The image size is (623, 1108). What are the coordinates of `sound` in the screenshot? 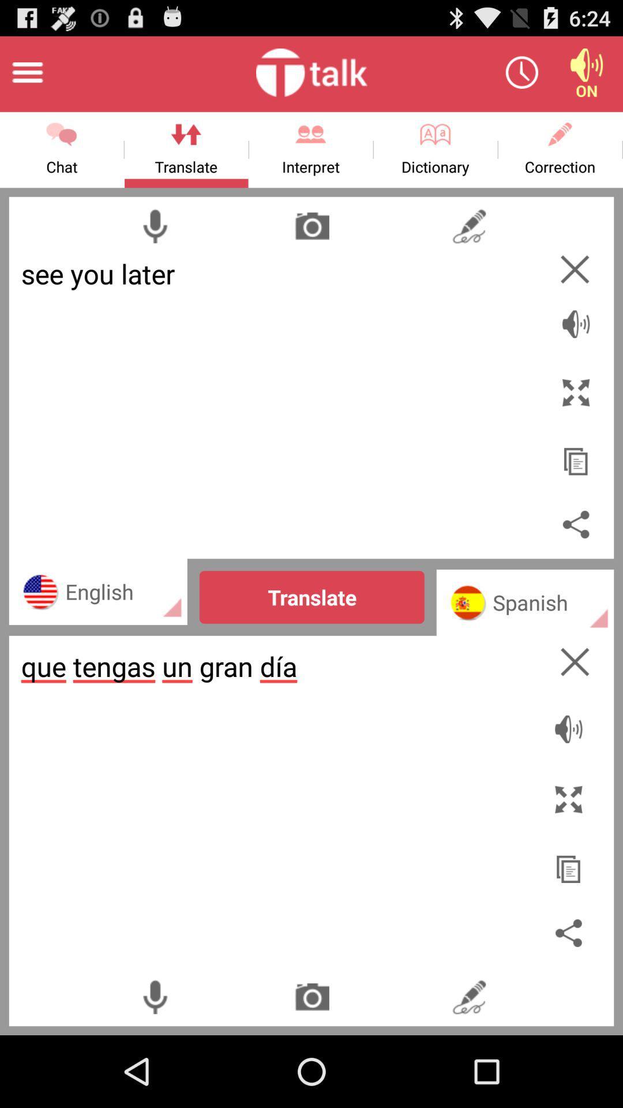 It's located at (576, 317).